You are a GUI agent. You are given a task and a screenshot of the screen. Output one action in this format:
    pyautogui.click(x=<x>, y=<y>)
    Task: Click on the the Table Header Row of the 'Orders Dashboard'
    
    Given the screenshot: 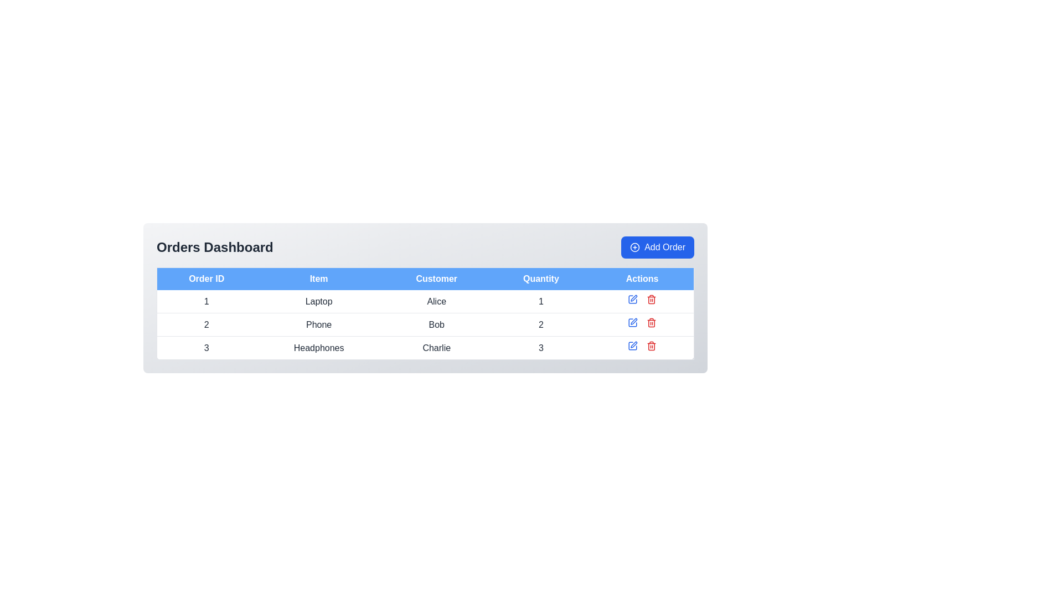 What is the action you would take?
    pyautogui.click(x=425, y=278)
    